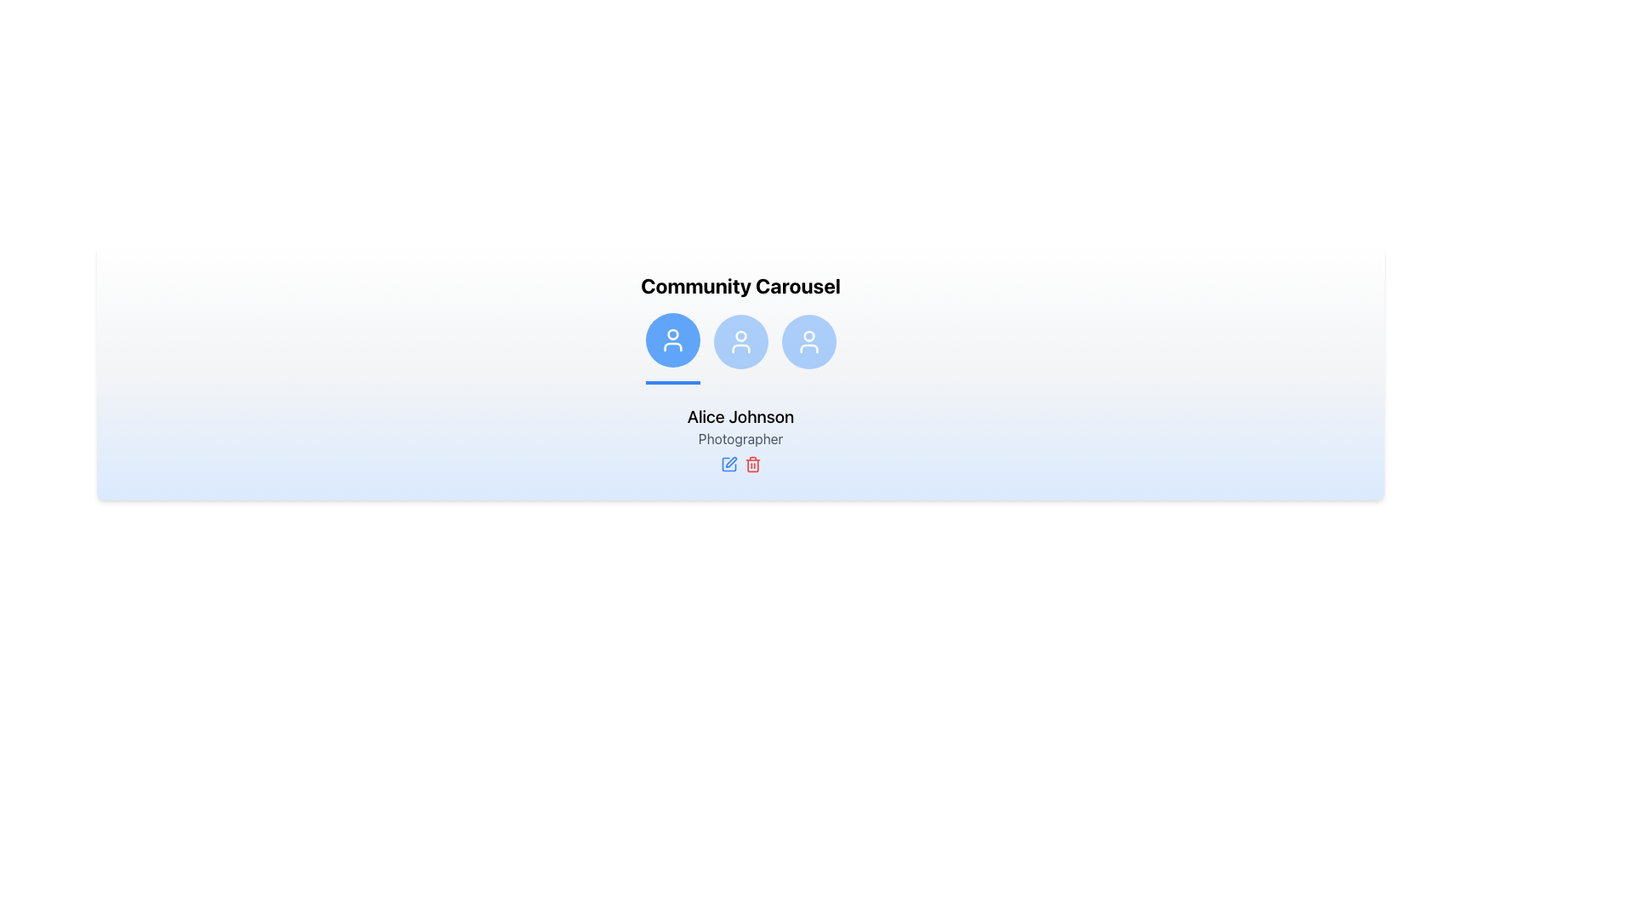 The height and width of the screenshot is (919, 1634). Describe the element at coordinates (740, 284) in the screenshot. I see `the heading element that serves as a descriptive header for the section of the interface, located centrally above a row of user icons` at that location.